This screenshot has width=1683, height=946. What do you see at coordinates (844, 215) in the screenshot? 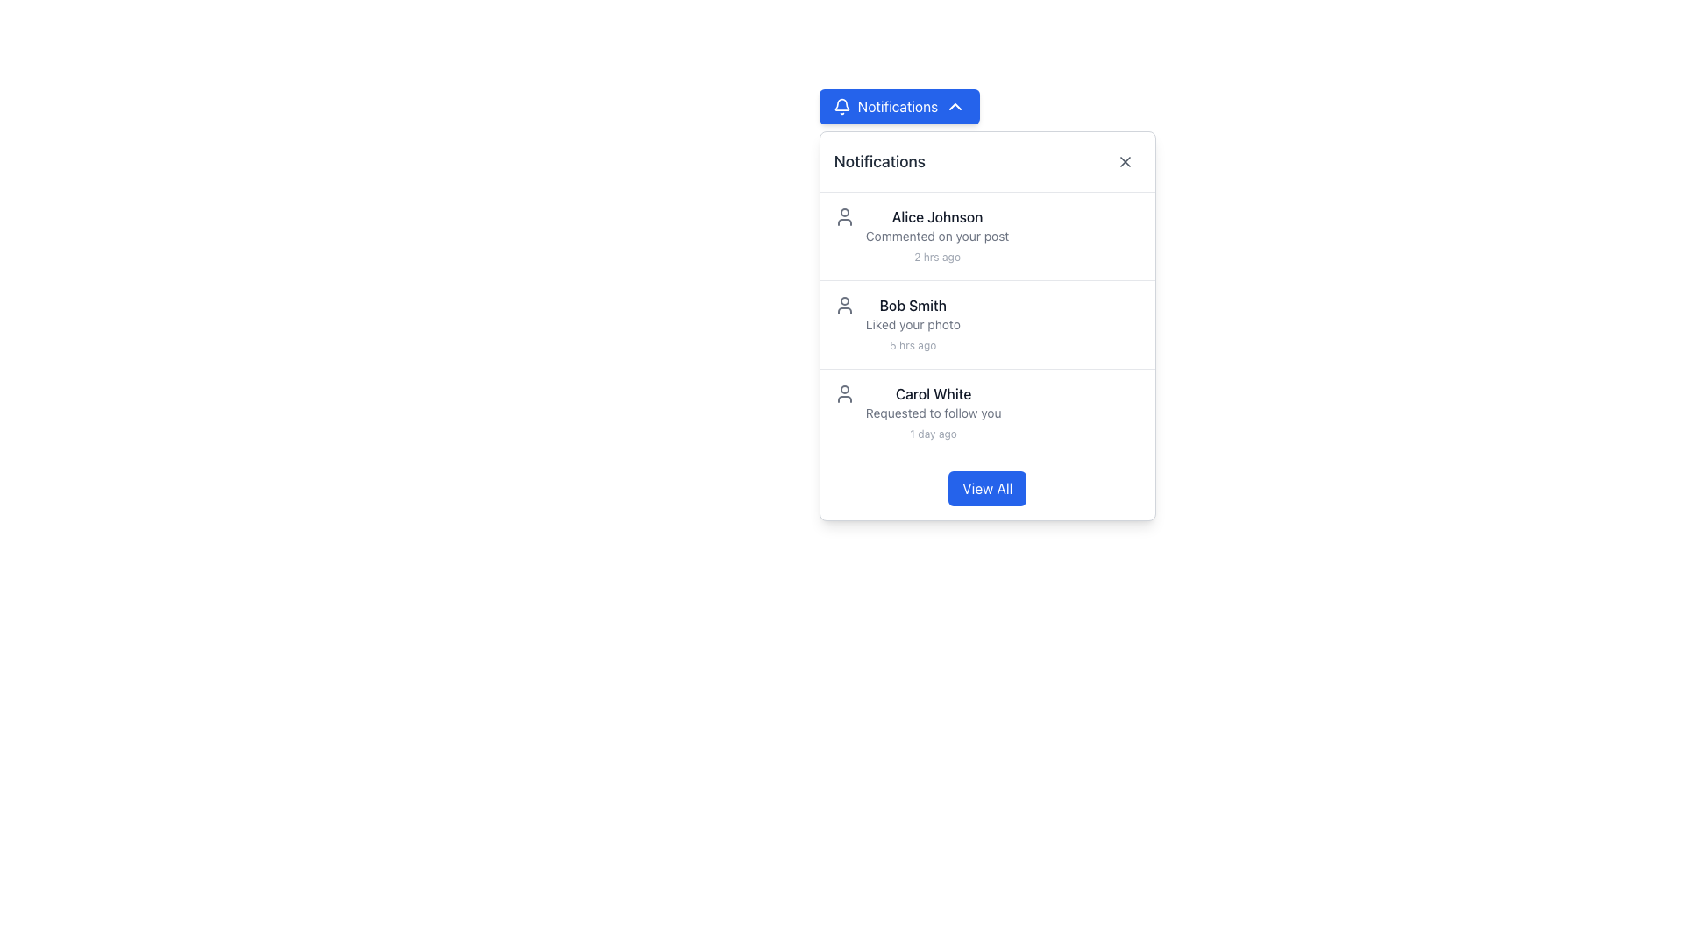
I see `the user profile silhouette icon located in the first notification entry to the left of the text 'Alice Johnson Commented on your post 2 hrs ago'` at bounding box center [844, 215].